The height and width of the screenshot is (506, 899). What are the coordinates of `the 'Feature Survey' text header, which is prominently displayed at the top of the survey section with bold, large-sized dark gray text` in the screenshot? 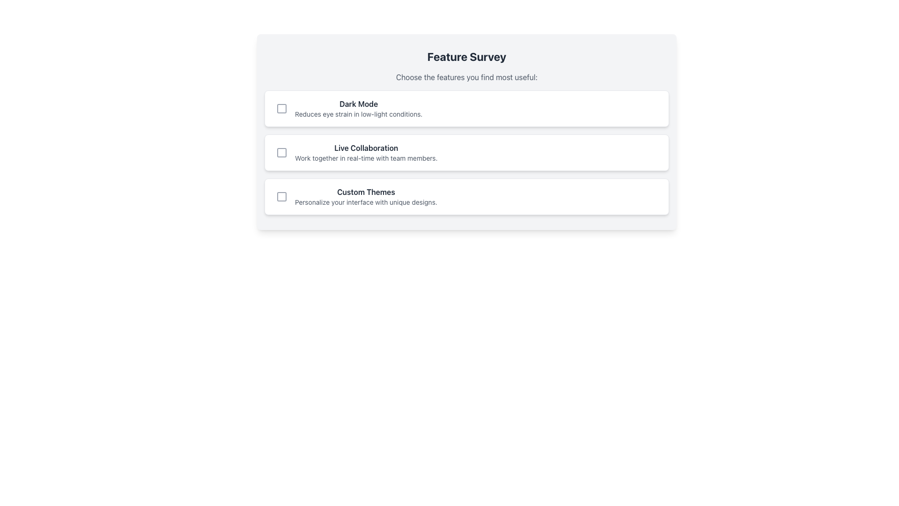 It's located at (467, 56).